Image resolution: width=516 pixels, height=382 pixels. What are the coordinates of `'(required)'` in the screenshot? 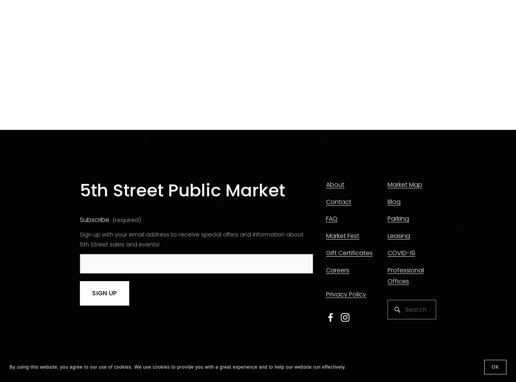 It's located at (112, 220).